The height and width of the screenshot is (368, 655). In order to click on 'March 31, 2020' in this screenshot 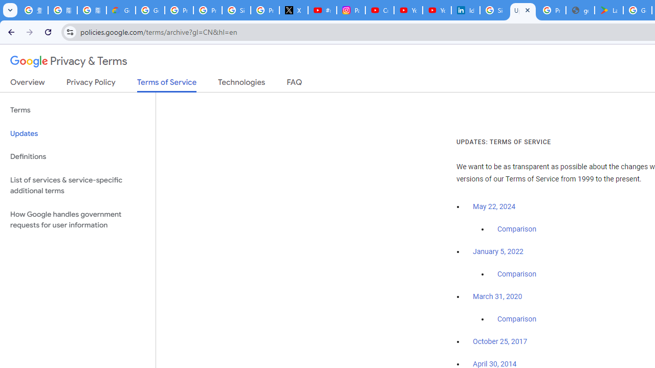, I will do `click(497, 296)`.